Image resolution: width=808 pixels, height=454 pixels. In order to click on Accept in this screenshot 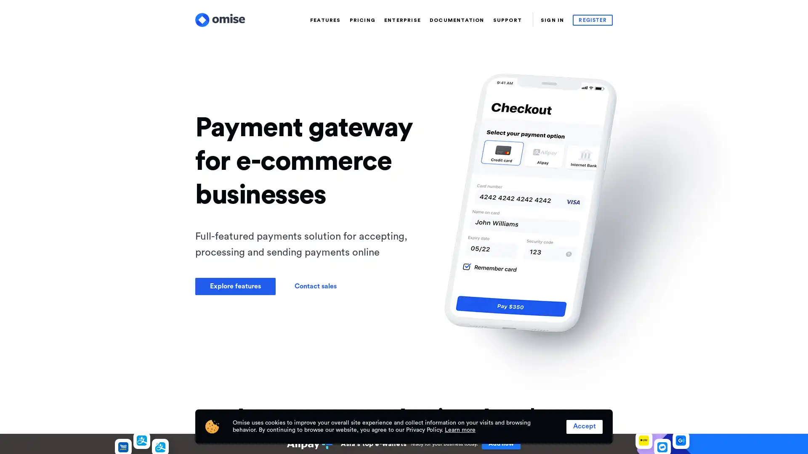, I will do `click(584, 426)`.